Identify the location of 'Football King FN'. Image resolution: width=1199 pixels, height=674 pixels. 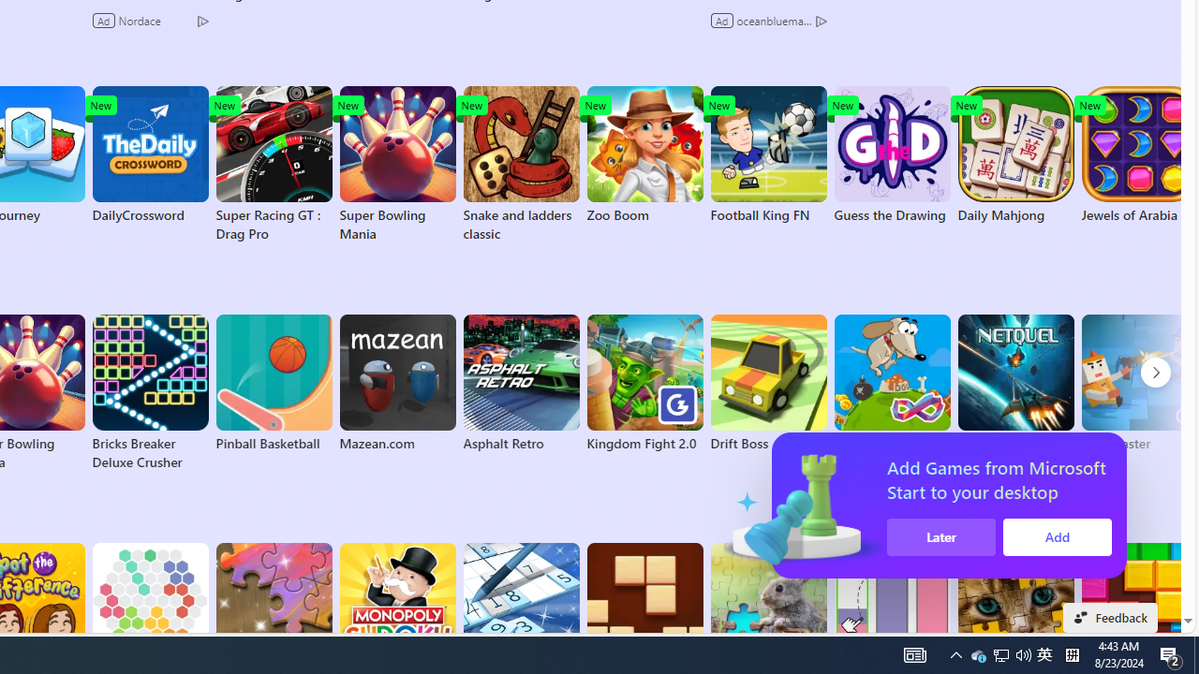
(768, 154).